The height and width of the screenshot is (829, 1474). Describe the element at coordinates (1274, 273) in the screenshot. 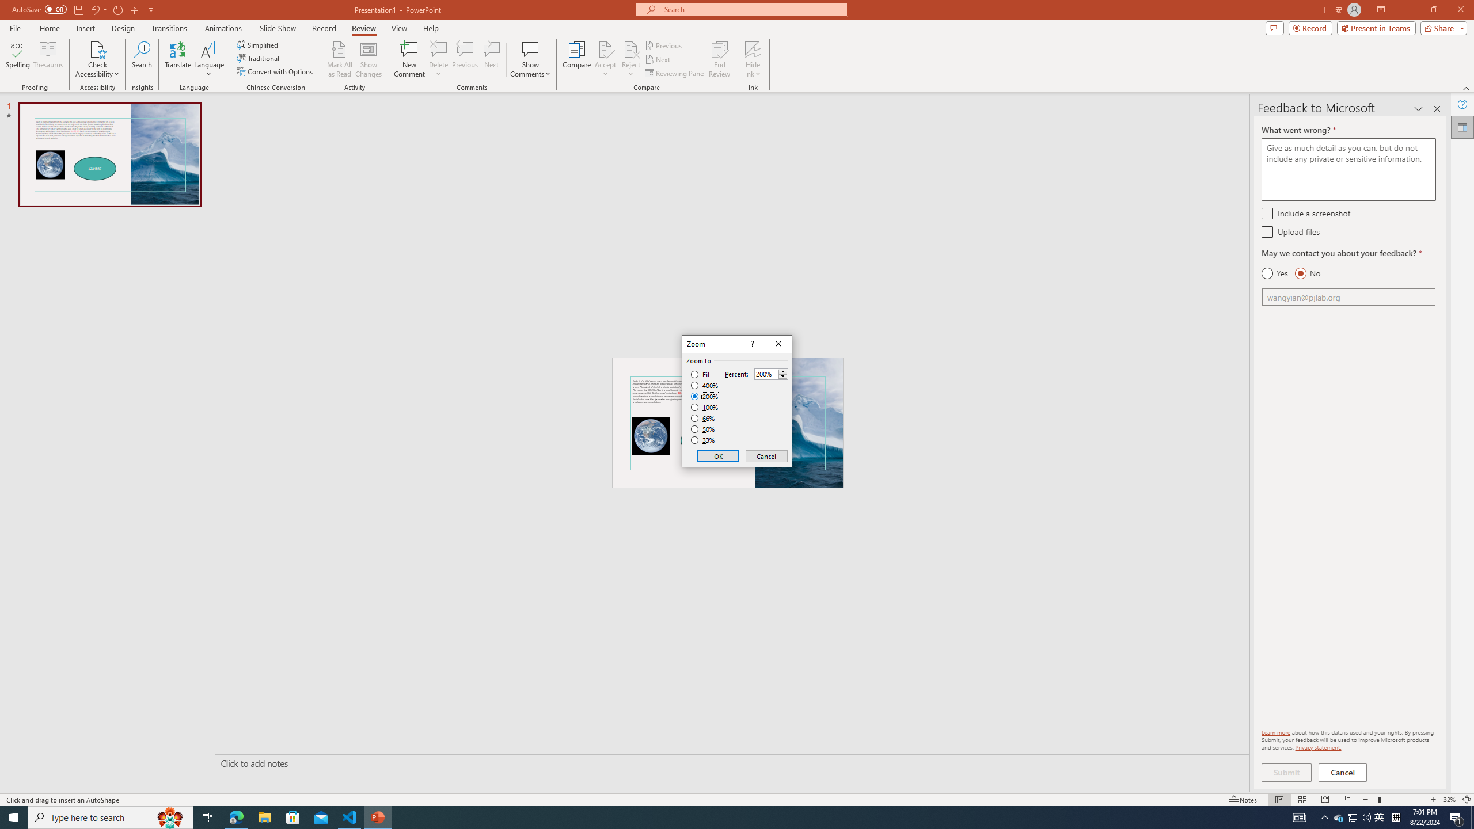

I see `'Yes'` at that location.